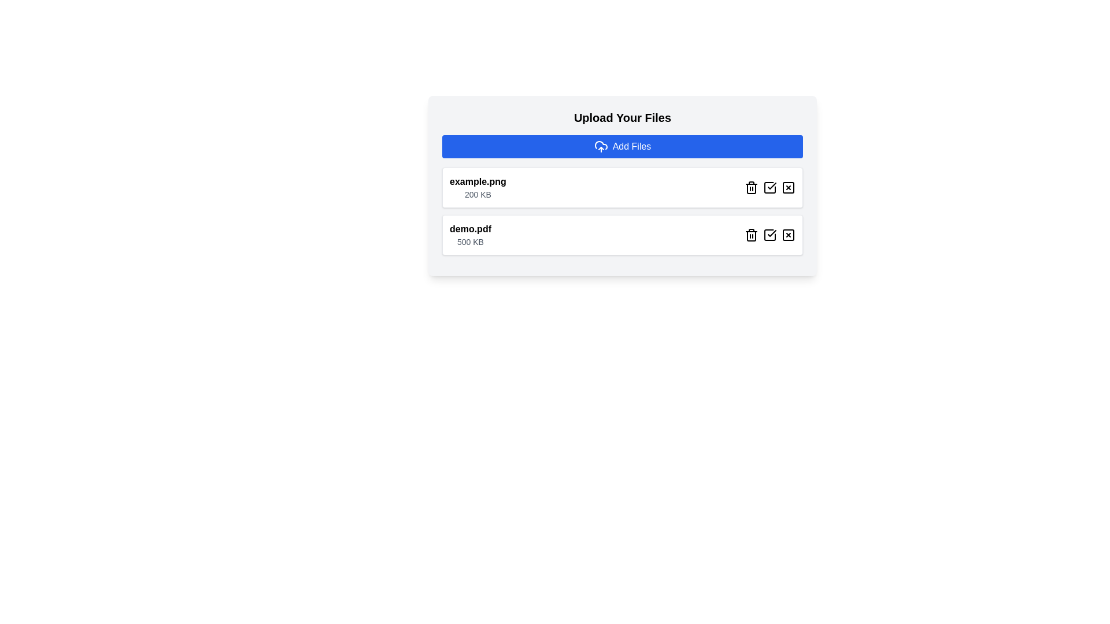 Image resolution: width=1110 pixels, height=624 pixels. I want to click on the close button with an 'X' icon, which is the third button in a horizontal group of three aligned to the right of the 'example.png' file entry, so click(787, 187).